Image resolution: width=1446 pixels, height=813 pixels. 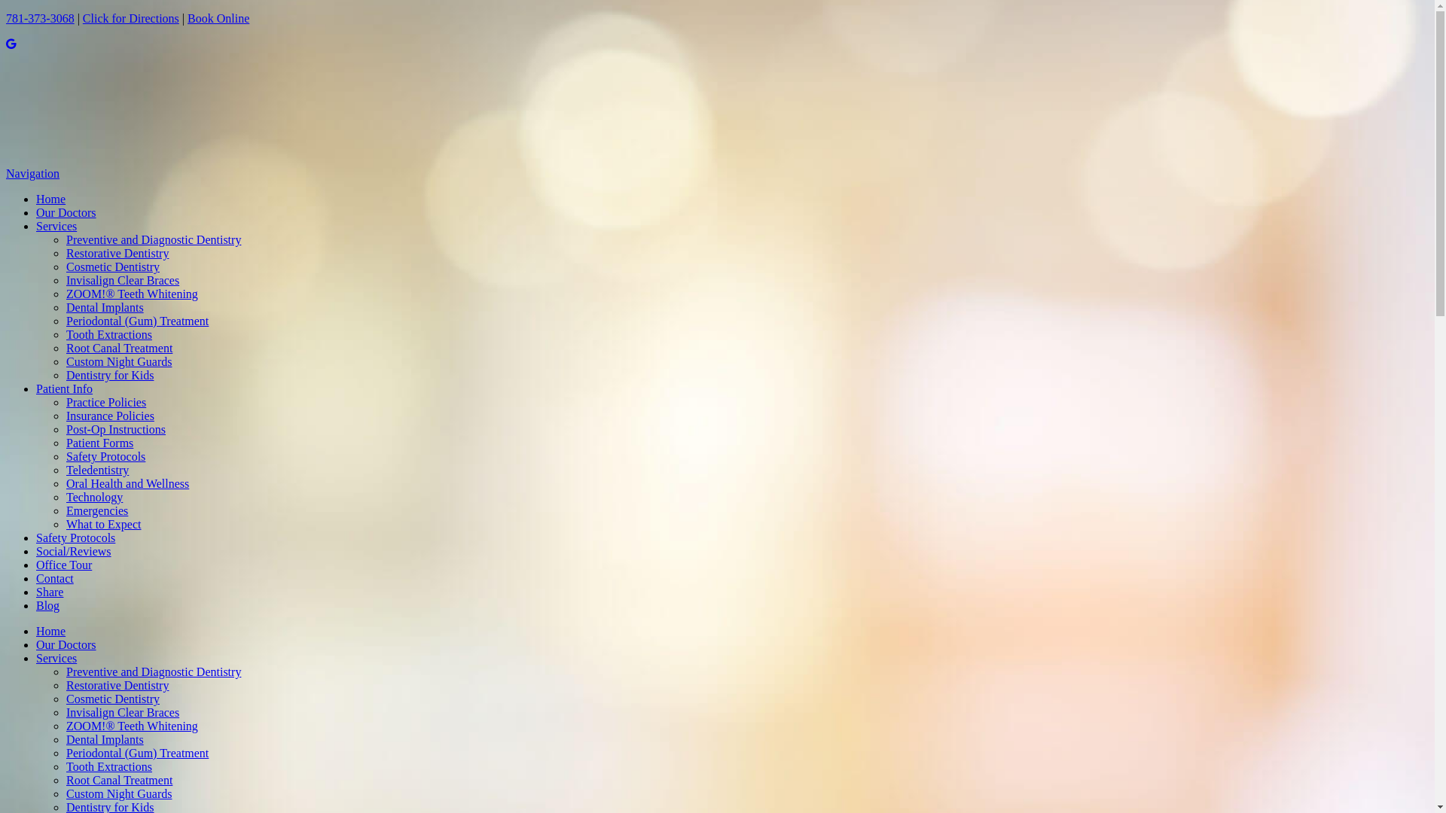 What do you see at coordinates (109, 416) in the screenshot?
I see `'Insurance Policies'` at bounding box center [109, 416].